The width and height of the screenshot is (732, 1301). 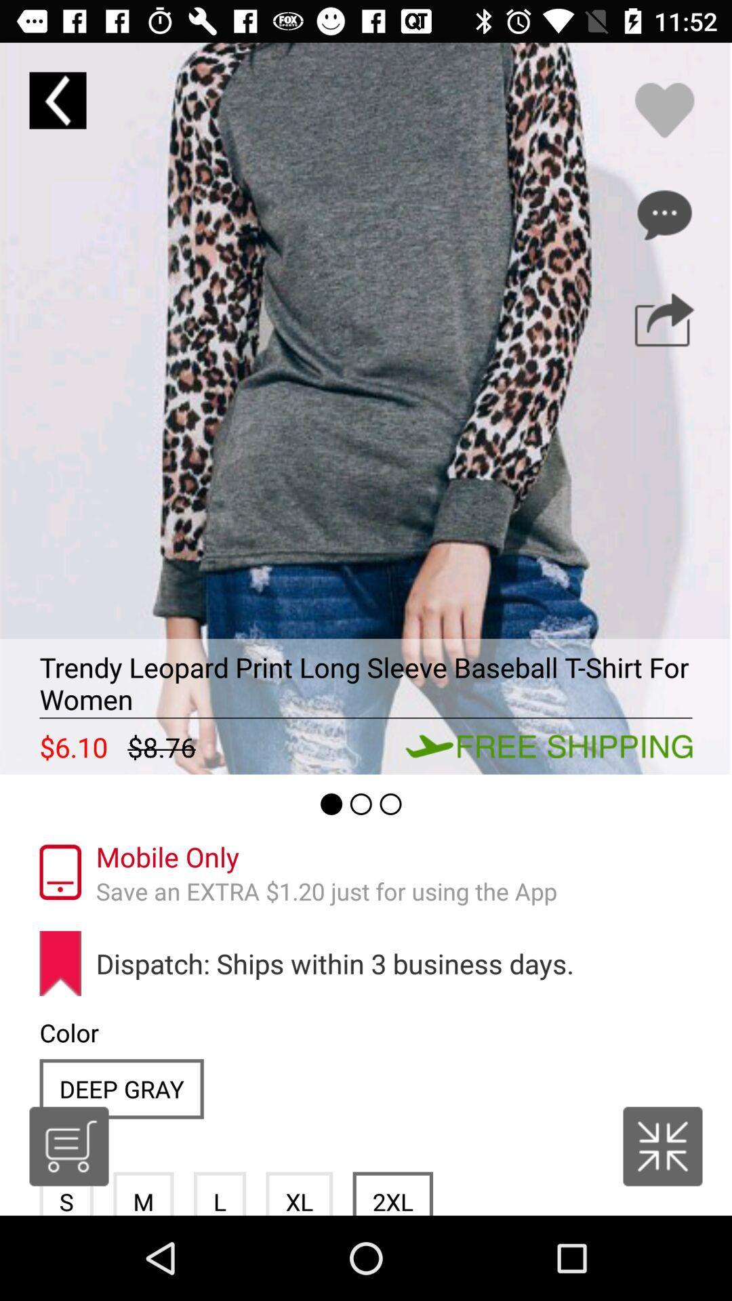 What do you see at coordinates (664, 110) in the screenshot?
I see `it` at bounding box center [664, 110].